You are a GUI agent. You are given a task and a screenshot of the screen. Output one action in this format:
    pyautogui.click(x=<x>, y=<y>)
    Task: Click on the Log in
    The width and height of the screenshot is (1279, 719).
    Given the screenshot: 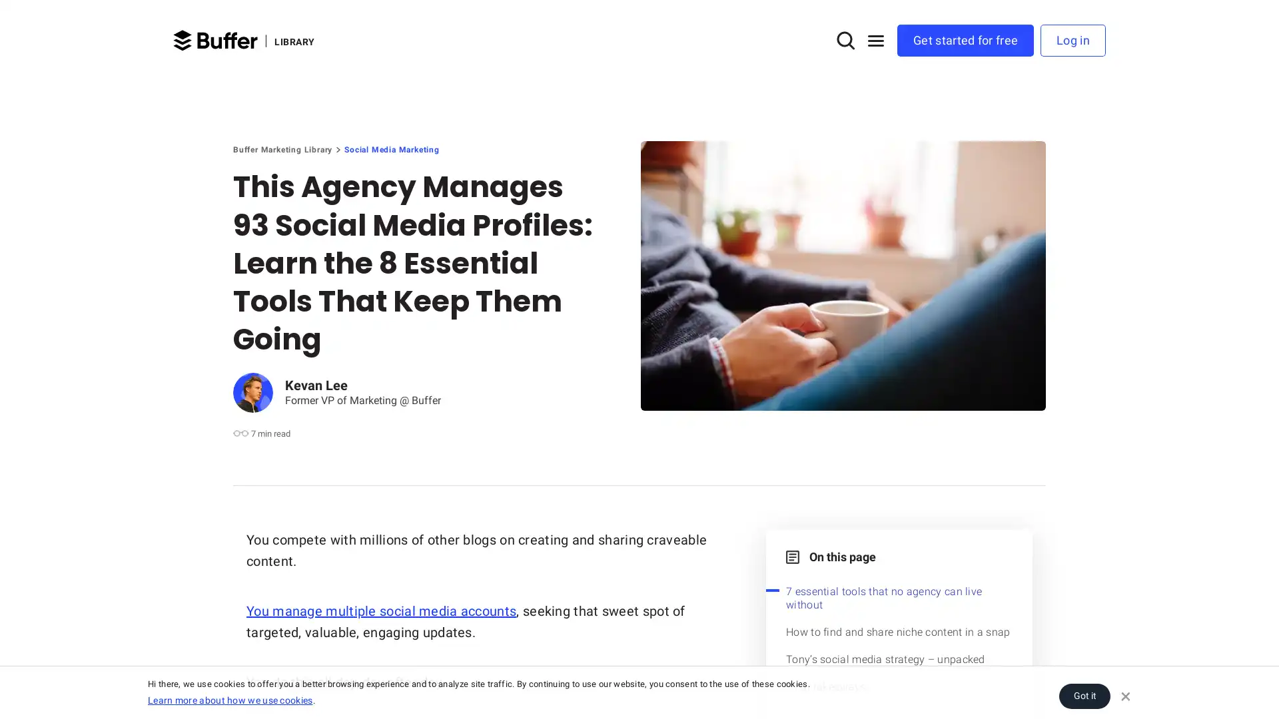 What is the action you would take?
    pyautogui.click(x=1073, y=40)
    